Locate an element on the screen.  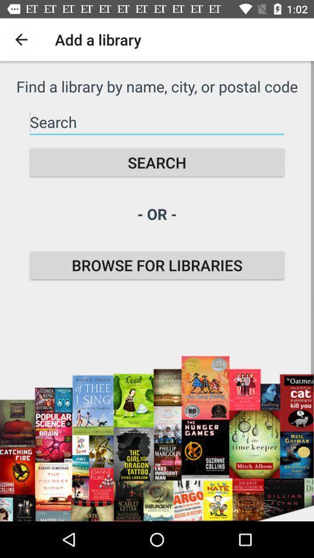
the icon to the left of add a library icon is located at coordinates (21, 40).